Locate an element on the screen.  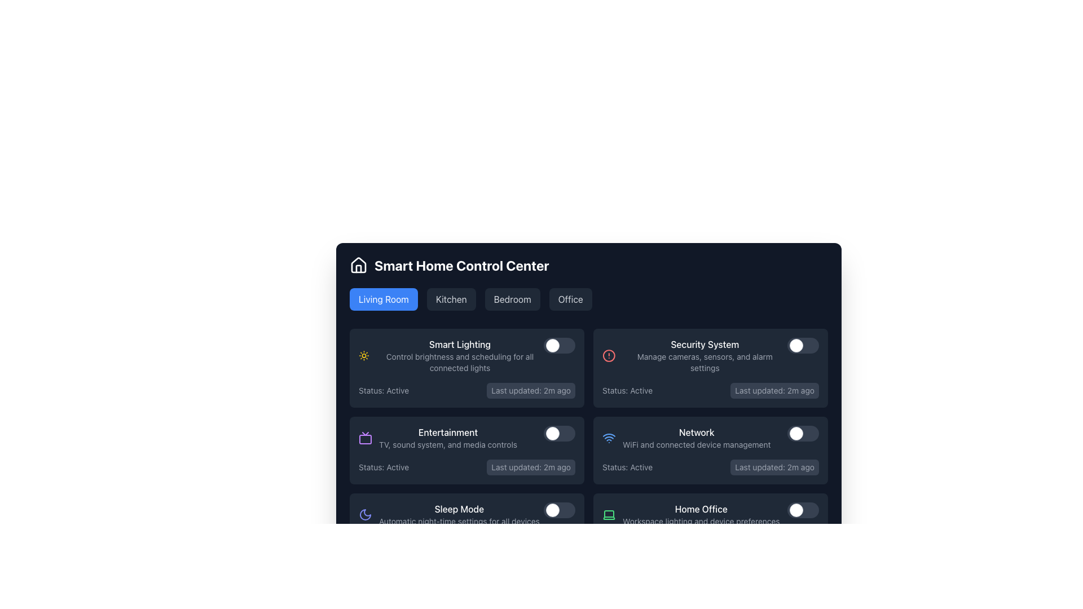
status 'Status: Active' and the timestamp 'Last updated: 2m ago' from the textual information element located in the lower-middle part of the 'Network' section, below the 'WiFi and connected device management' subtitle is located at coordinates (710, 467).